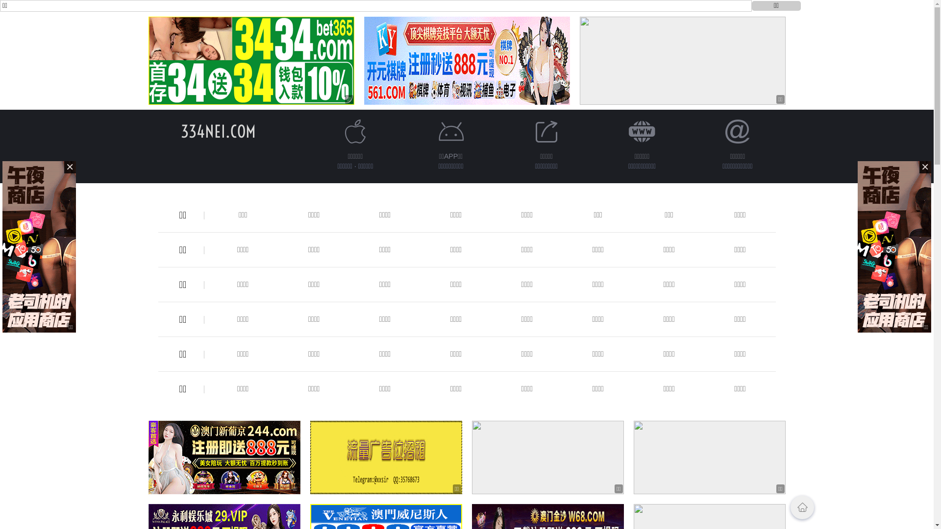 The height and width of the screenshot is (529, 941). Describe the element at coordinates (181, 131) in the screenshot. I see `'334NEI.COM'` at that location.